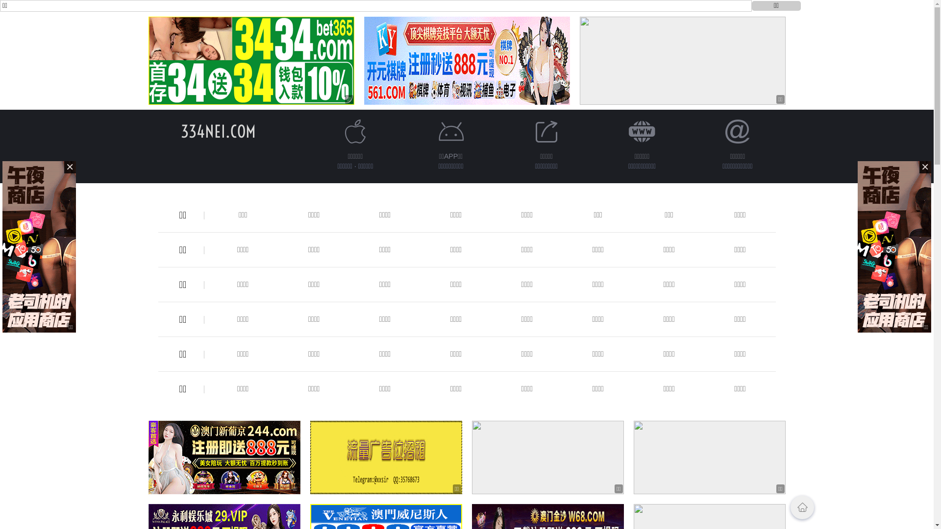 The height and width of the screenshot is (529, 941). Describe the element at coordinates (181, 131) in the screenshot. I see `'334NEI.COM'` at that location.